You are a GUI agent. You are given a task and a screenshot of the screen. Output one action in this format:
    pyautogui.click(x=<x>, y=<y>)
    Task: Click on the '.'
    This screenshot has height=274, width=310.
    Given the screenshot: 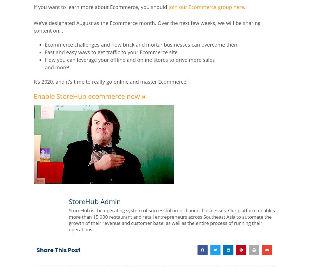 What is the action you would take?
    pyautogui.click(x=244, y=7)
    